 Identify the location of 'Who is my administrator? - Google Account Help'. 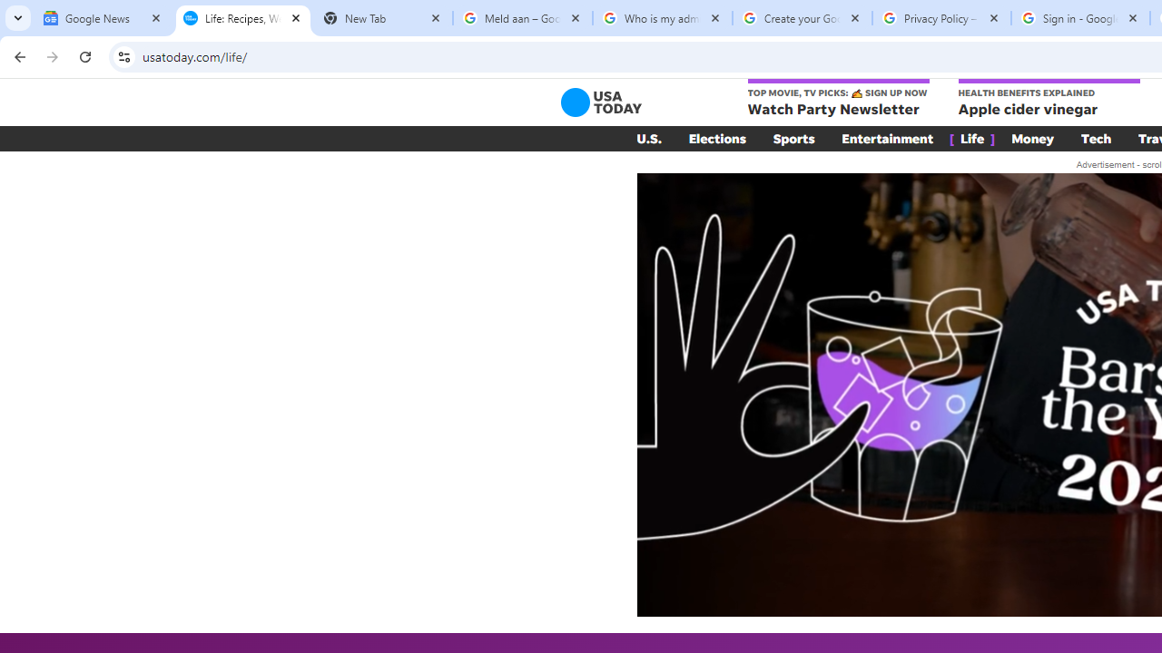
(662, 18).